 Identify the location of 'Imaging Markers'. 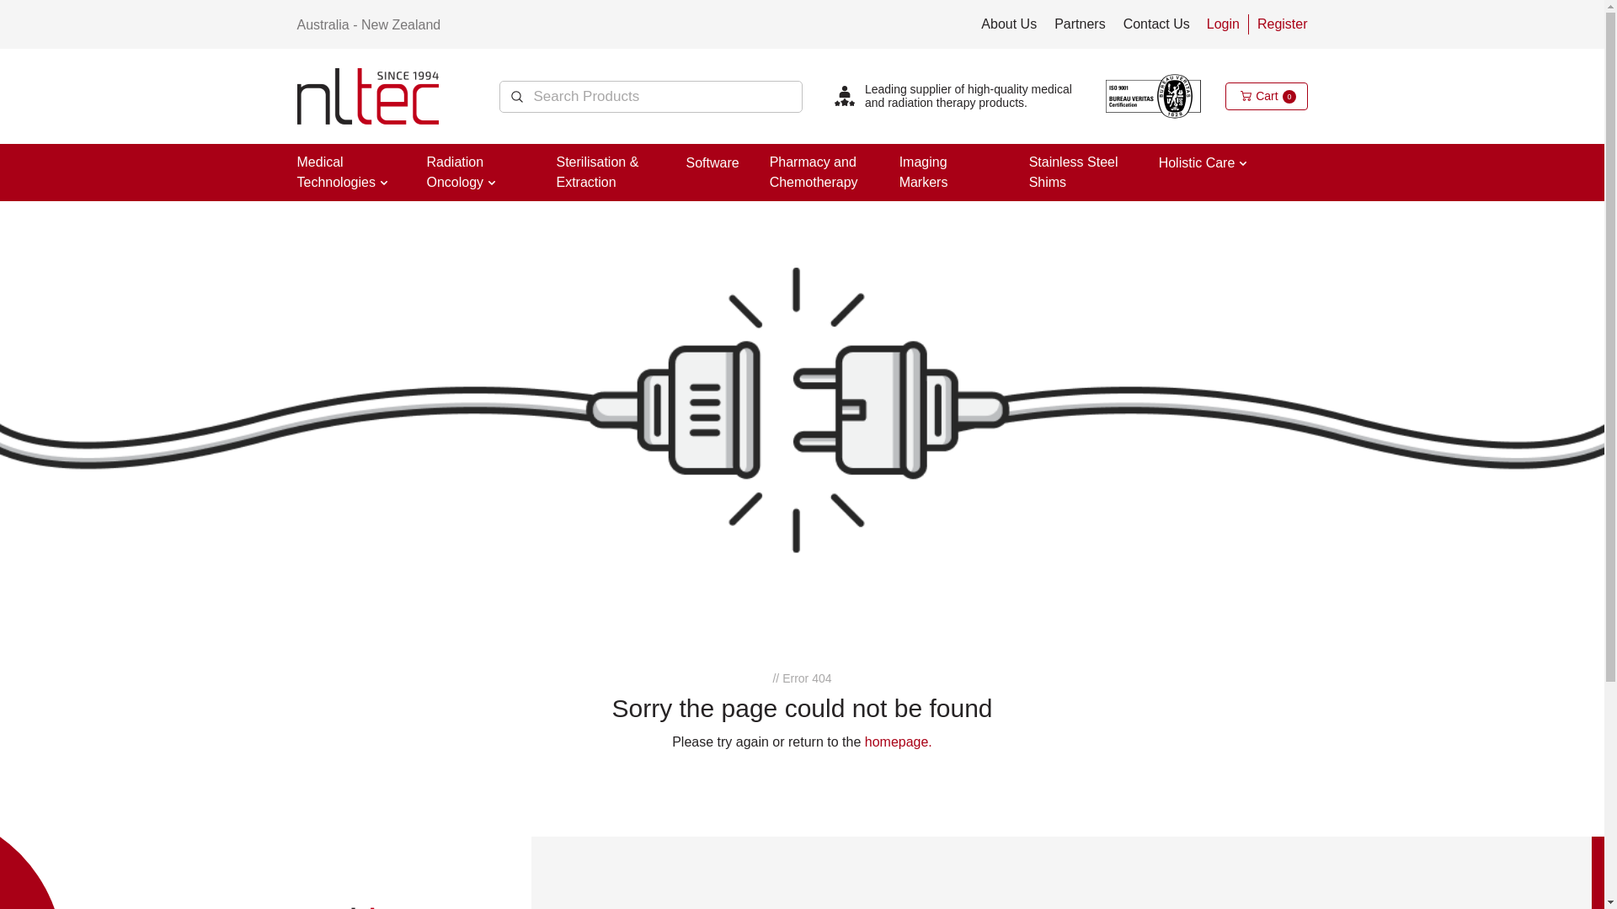
(923, 172).